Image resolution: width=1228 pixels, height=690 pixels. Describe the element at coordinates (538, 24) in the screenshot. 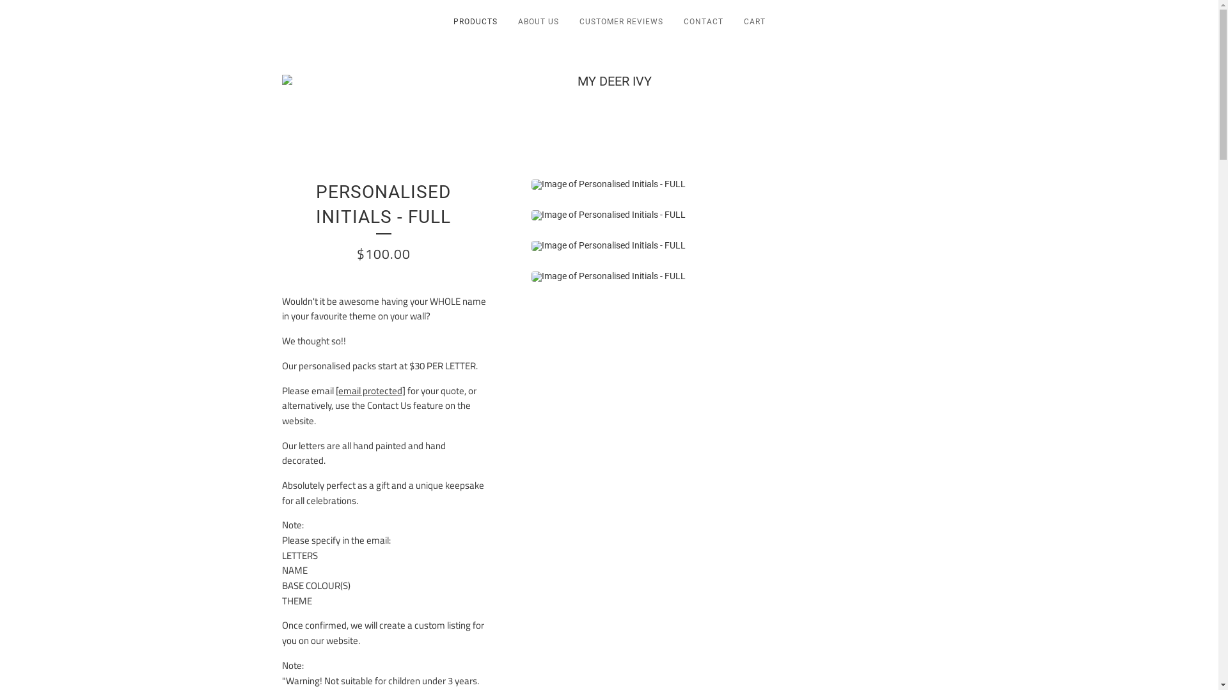

I see `'ABOUT US'` at that location.